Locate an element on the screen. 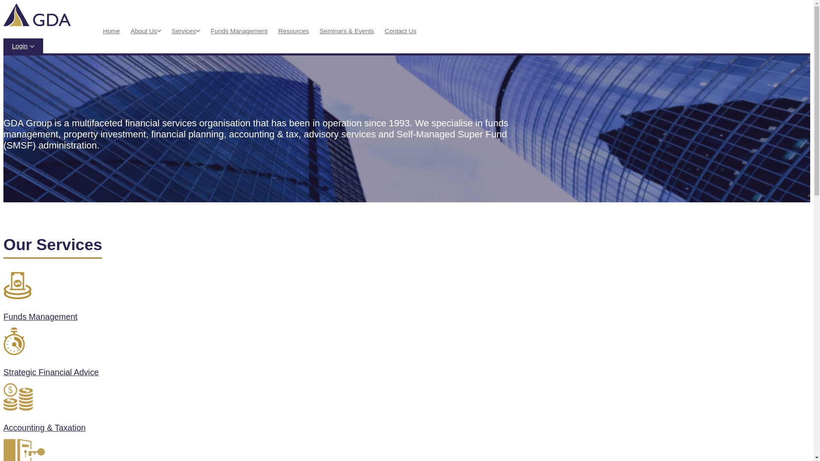 The height and width of the screenshot is (461, 820). 'Login' is located at coordinates (23, 46).